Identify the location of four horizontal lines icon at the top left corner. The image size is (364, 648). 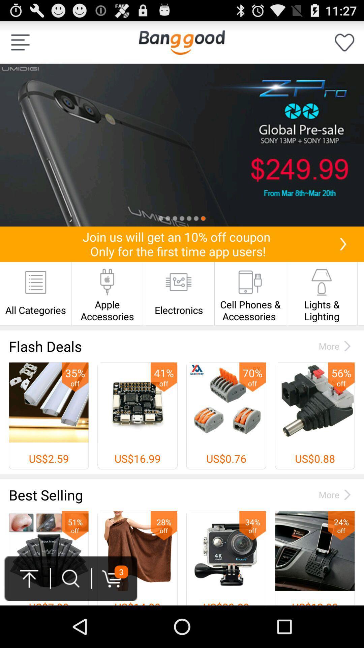
(20, 42).